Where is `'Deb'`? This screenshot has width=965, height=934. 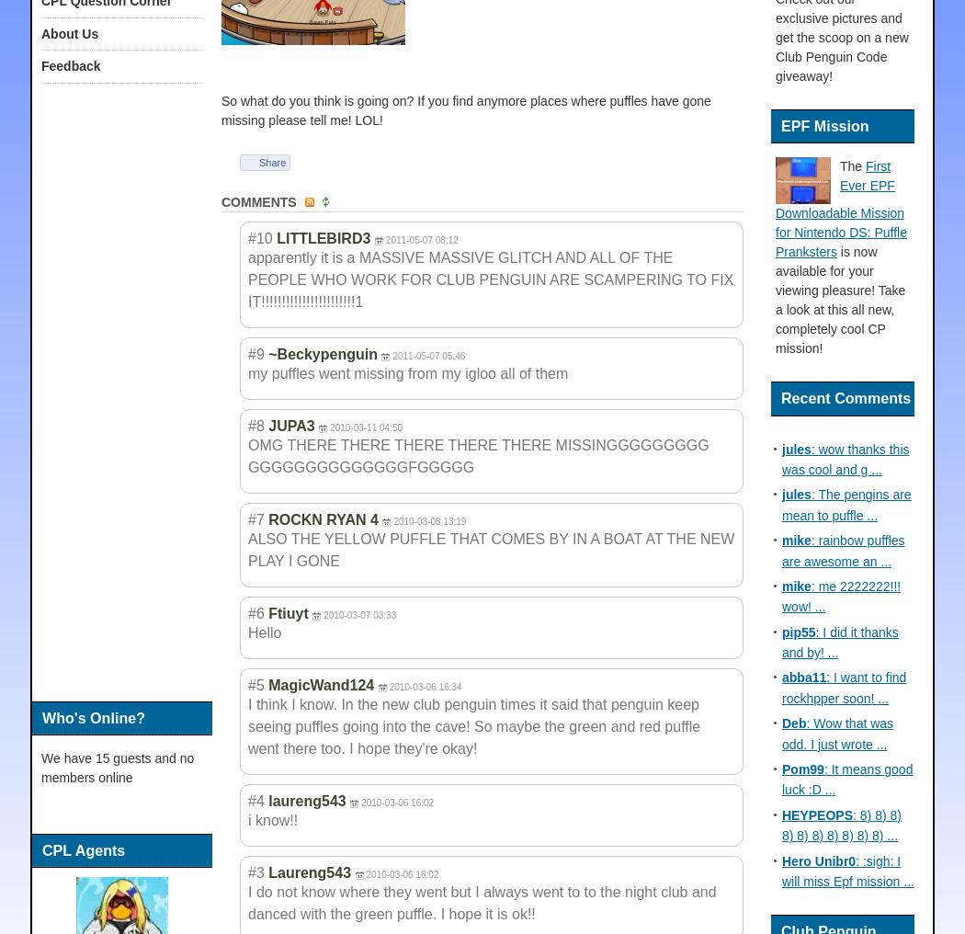 'Deb' is located at coordinates (793, 722).